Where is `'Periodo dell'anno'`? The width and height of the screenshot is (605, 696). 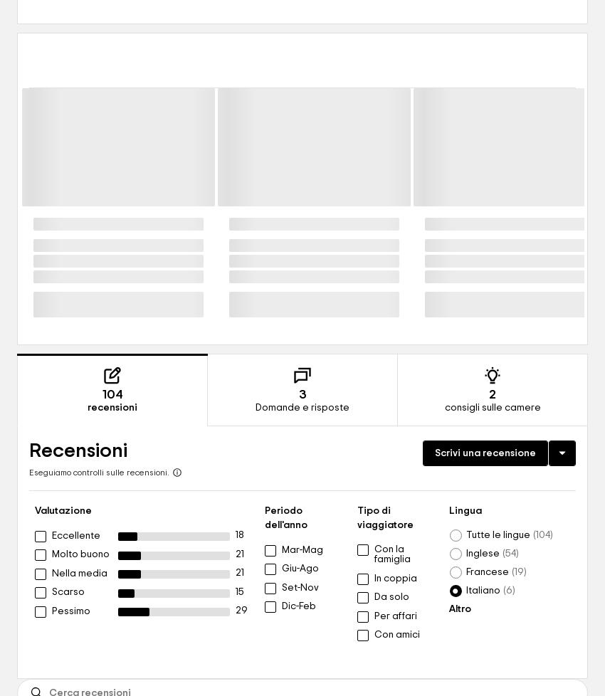
'Periodo dell'anno' is located at coordinates (285, 518).